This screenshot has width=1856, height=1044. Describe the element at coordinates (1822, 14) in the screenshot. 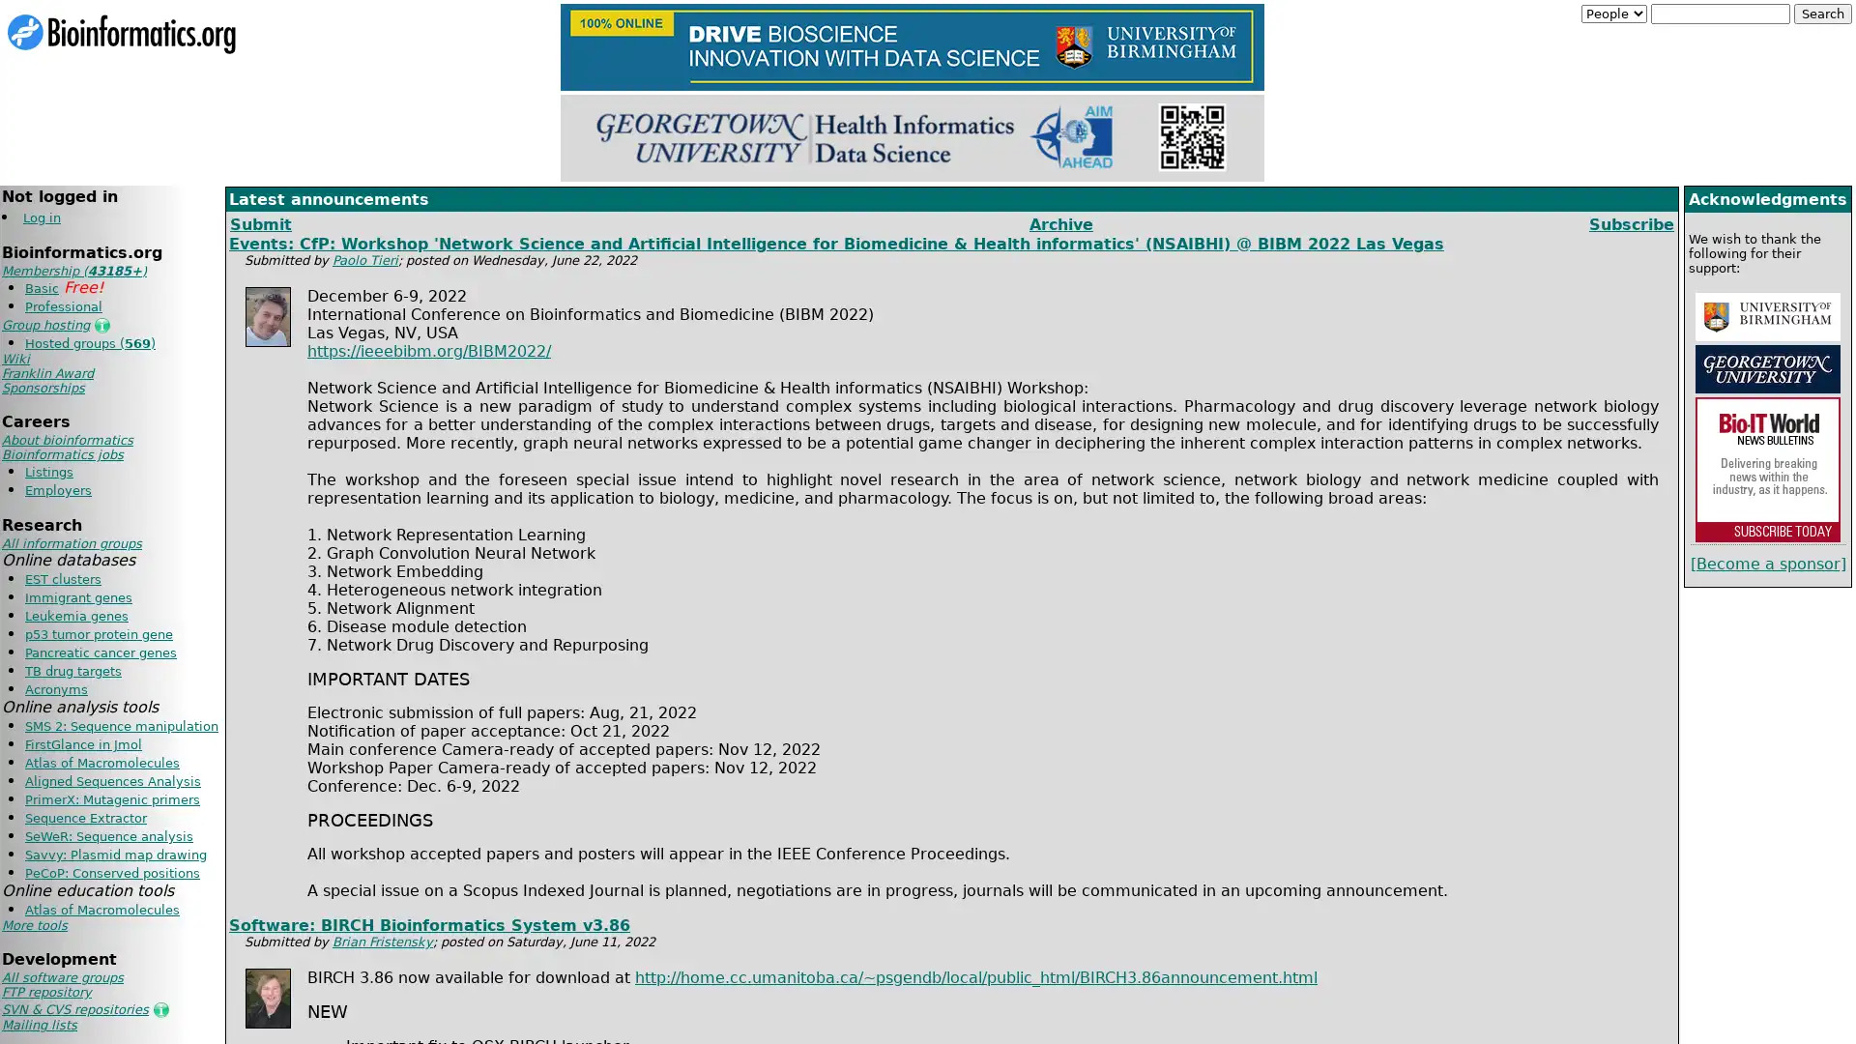

I see `Search` at that location.